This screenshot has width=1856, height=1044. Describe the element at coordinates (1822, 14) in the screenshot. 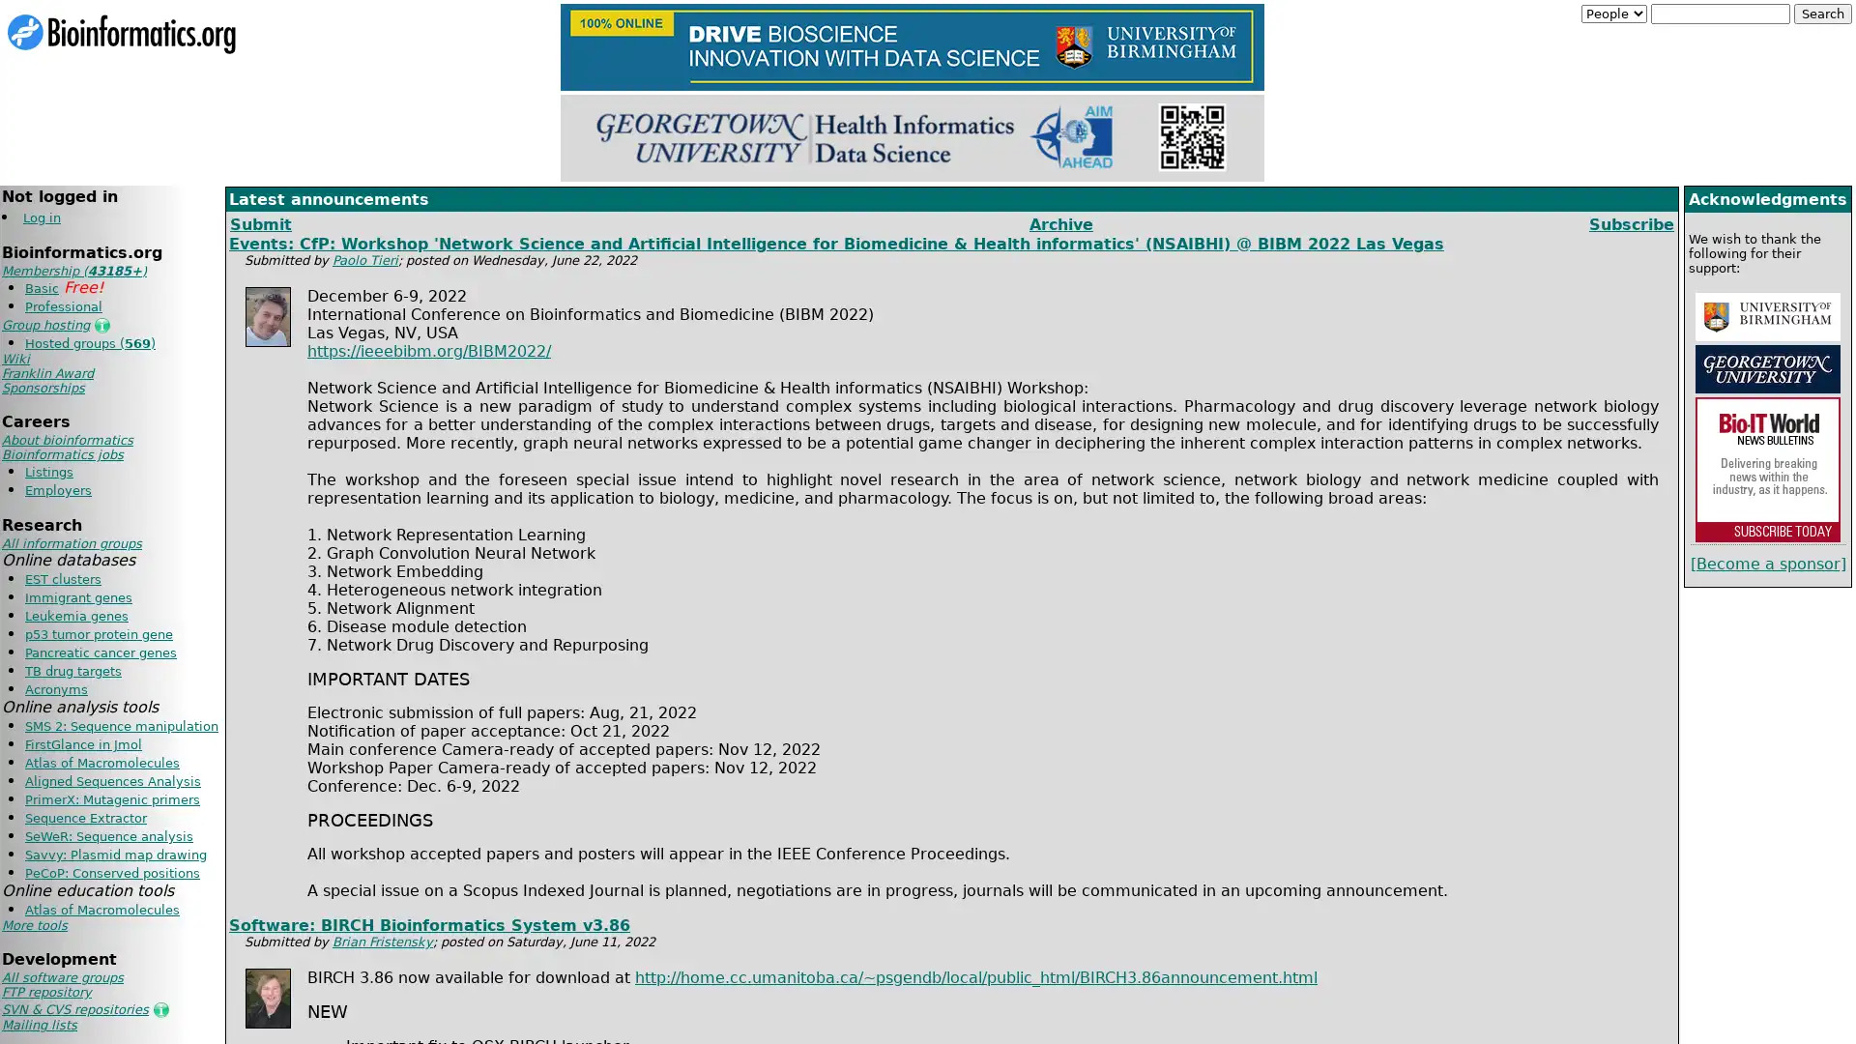

I see `Search` at that location.